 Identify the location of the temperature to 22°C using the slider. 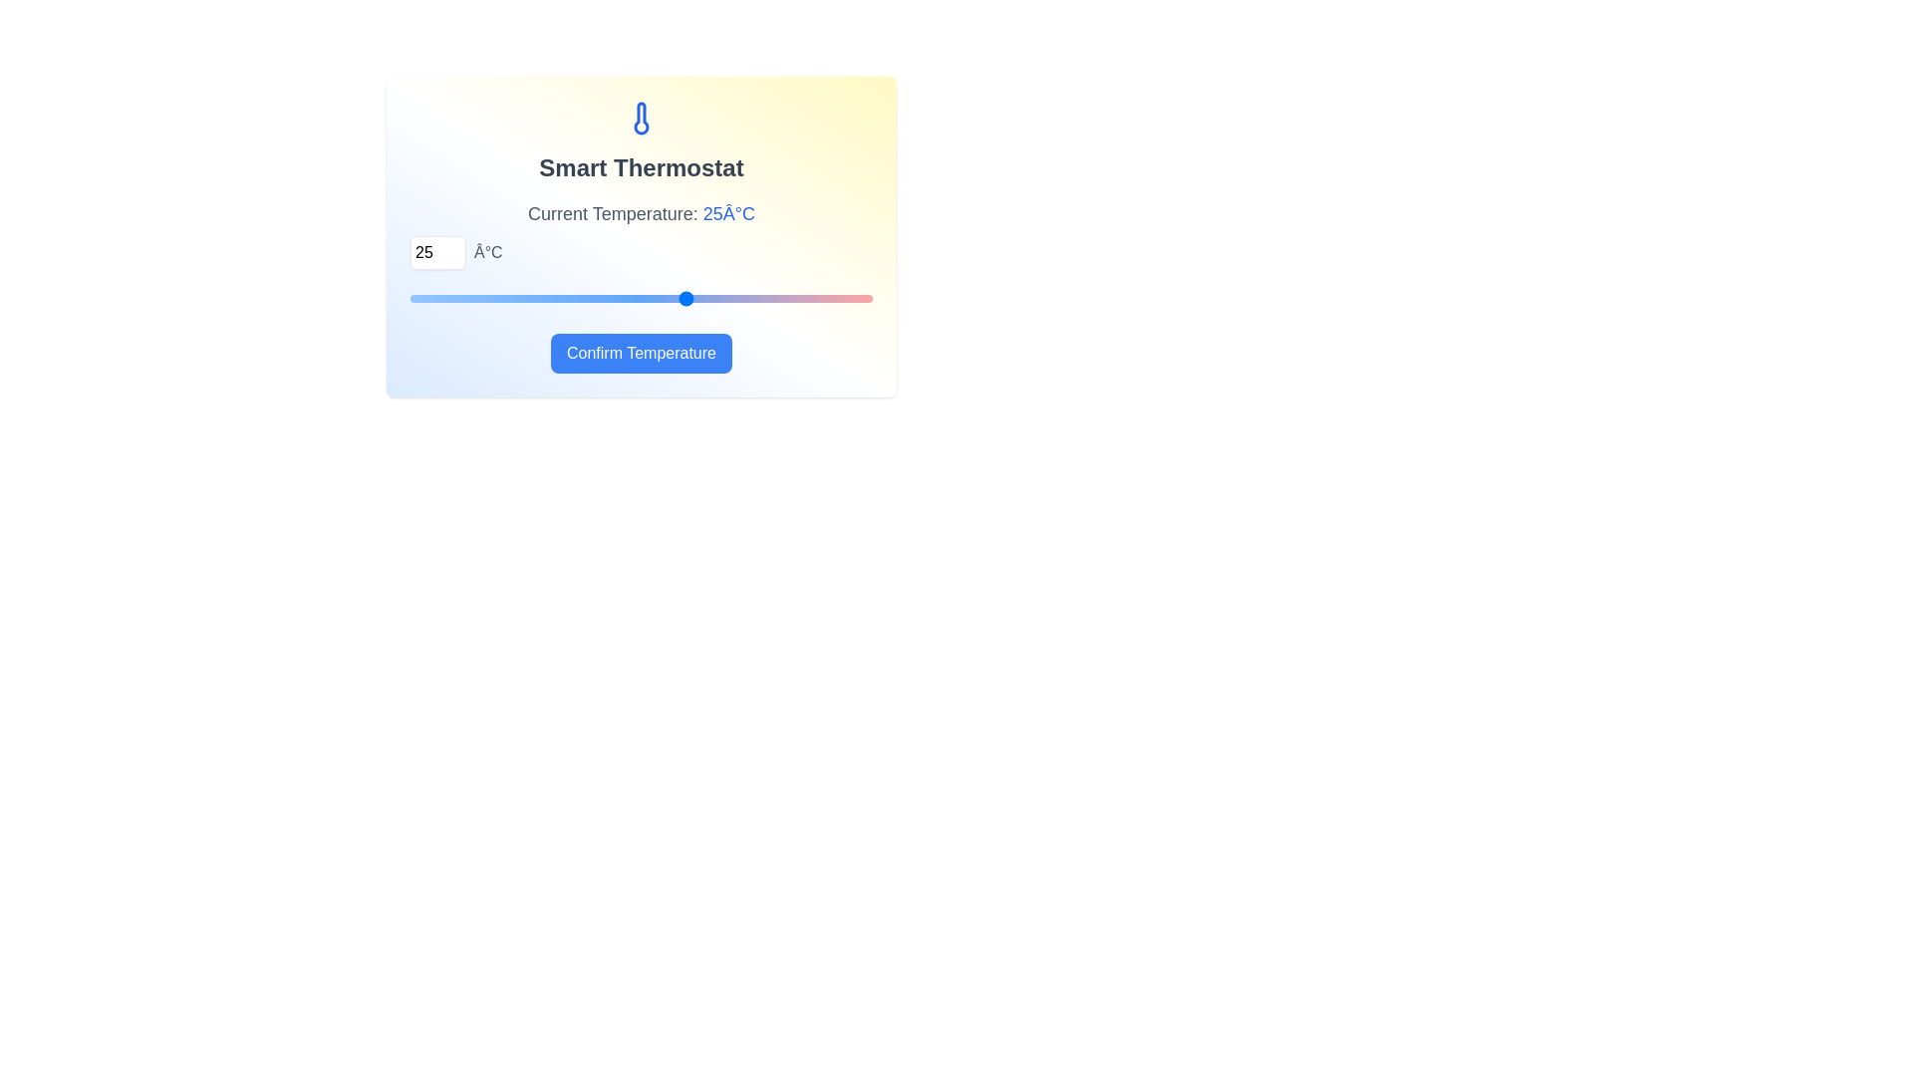
(631, 299).